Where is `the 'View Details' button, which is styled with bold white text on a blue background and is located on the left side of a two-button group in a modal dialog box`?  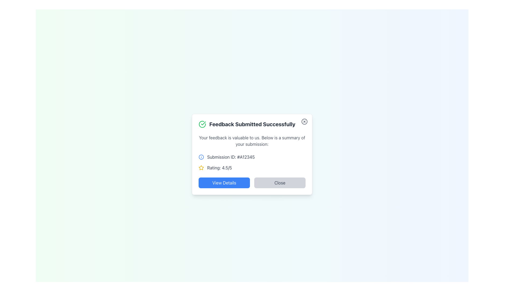 the 'View Details' button, which is styled with bold white text on a blue background and is located on the left side of a two-button group in a modal dialog box is located at coordinates (224, 183).